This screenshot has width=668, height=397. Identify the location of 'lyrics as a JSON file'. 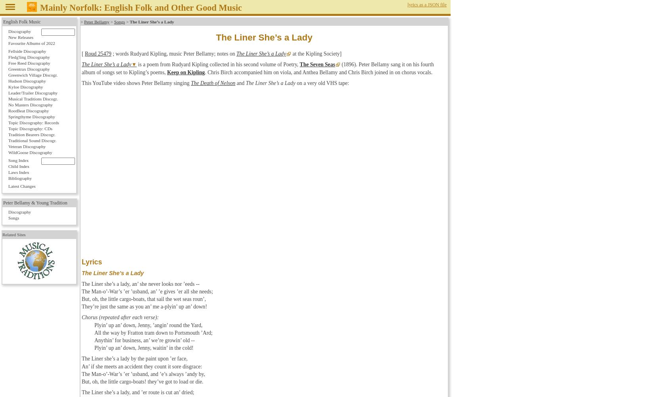
(427, 5).